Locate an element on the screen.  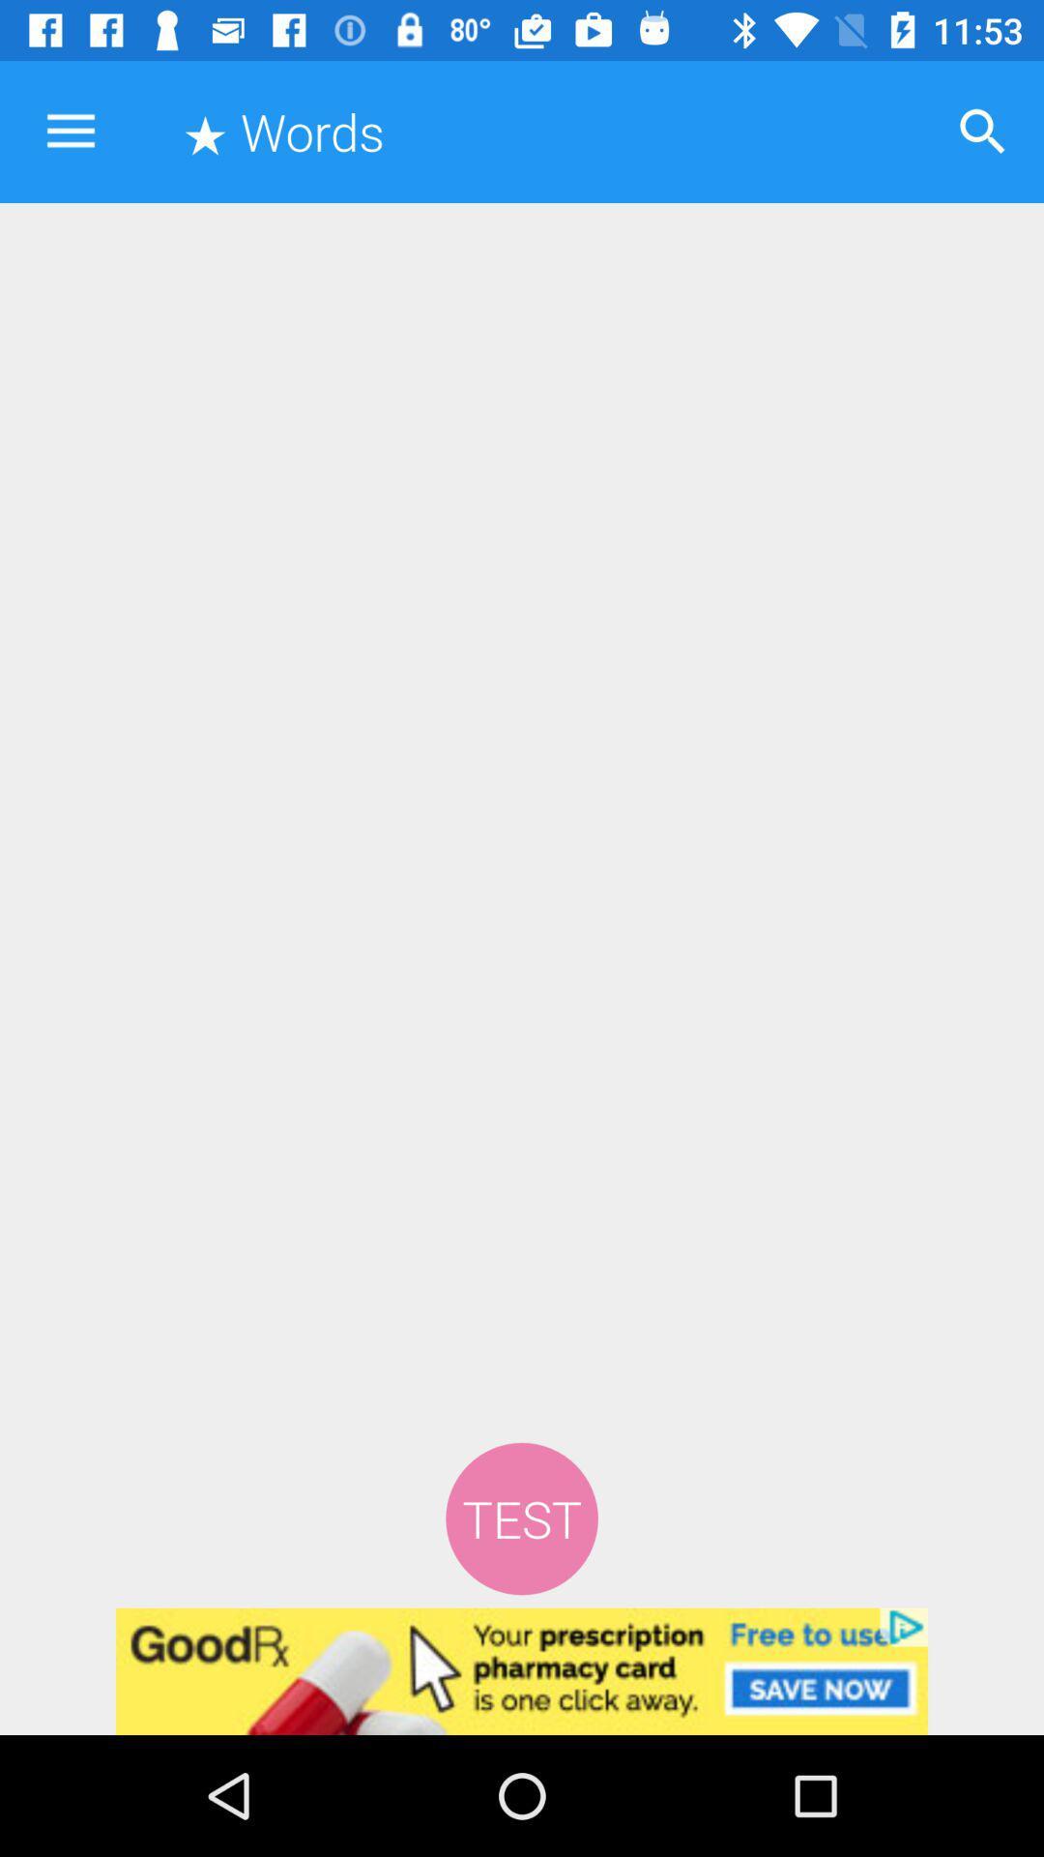
advertisement is located at coordinates (522, 1670).